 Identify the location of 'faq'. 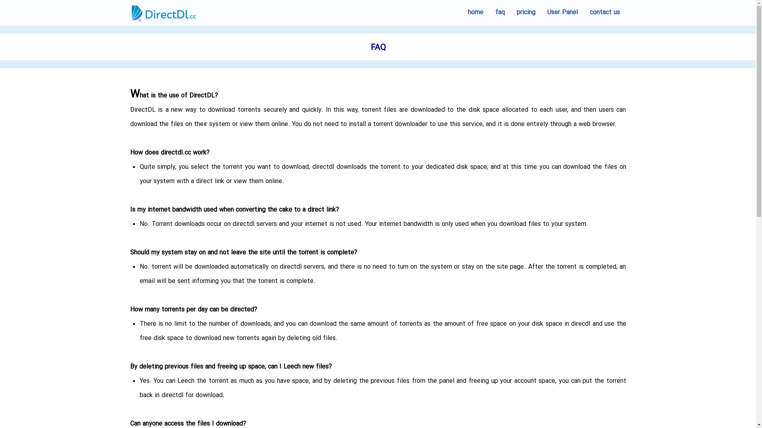
(499, 12).